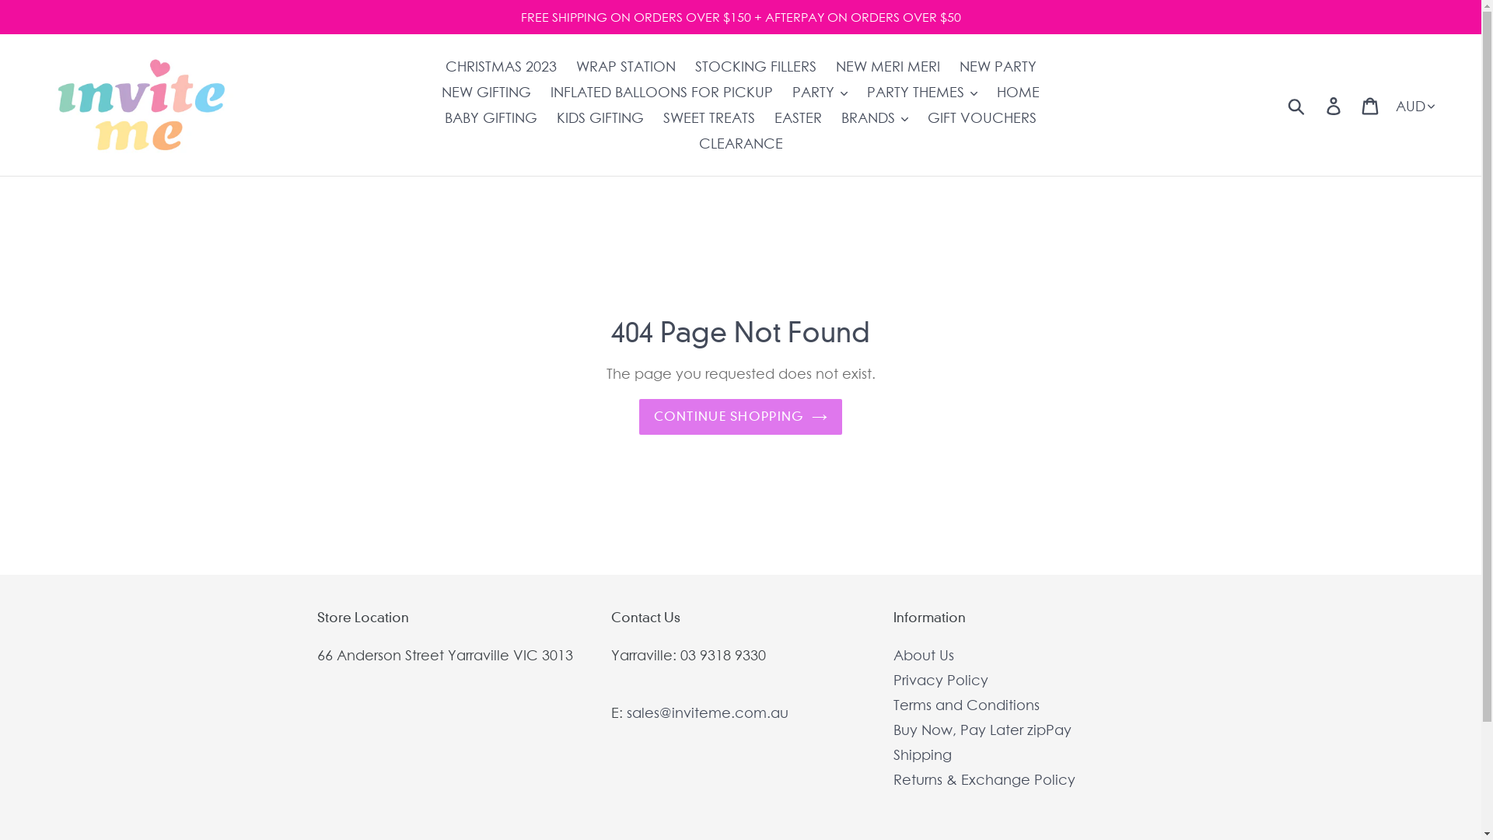 The image size is (1493, 840). Describe the element at coordinates (740, 416) in the screenshot. I see `'CONTINUE SHOPPING'` at that location.